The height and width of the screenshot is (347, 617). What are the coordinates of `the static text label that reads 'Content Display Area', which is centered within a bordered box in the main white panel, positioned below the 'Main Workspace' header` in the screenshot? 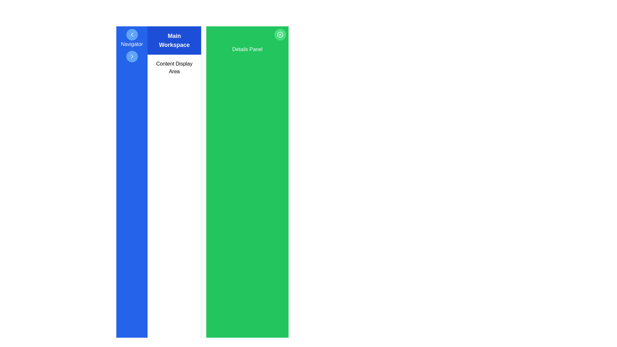 It's located at (174, 68).